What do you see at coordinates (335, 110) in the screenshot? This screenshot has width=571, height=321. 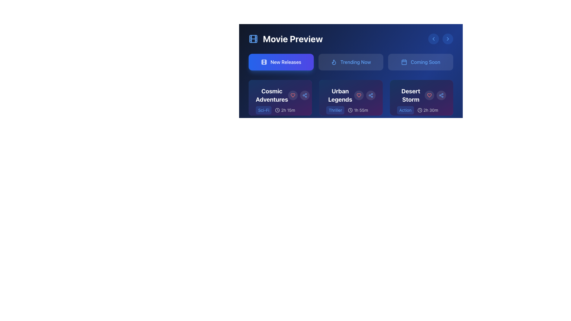 I see `contents of the text label displaying the word 'Thriller', which is styled in a small font size and located in the 'Urban Legends' section of the movie information card` at bounding box center [335, 110].